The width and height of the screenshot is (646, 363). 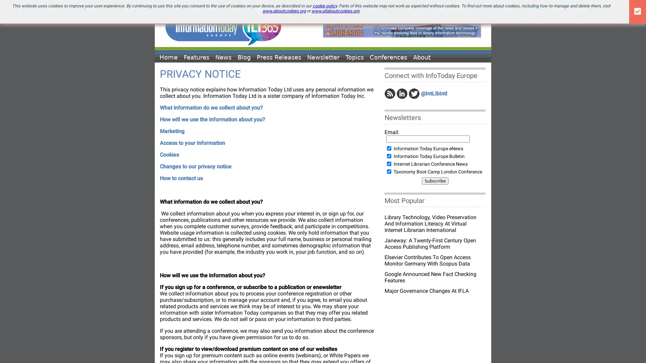 What do you see at coordinates (435, 180) in the screenshot?
I see `Subscribe` at bounding box center [435, 180].